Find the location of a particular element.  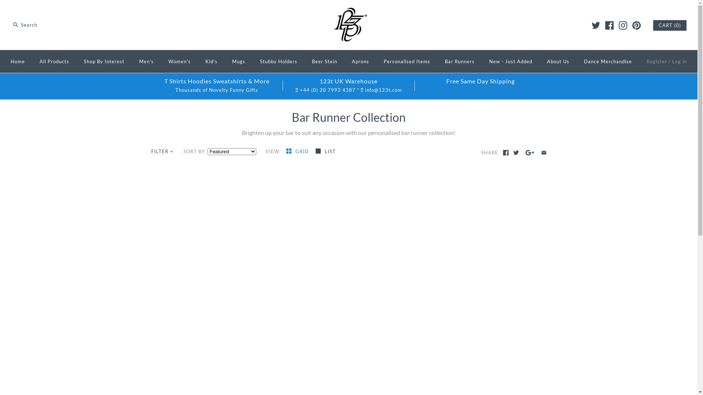

'About Us' is located at coordinates (558, 61).